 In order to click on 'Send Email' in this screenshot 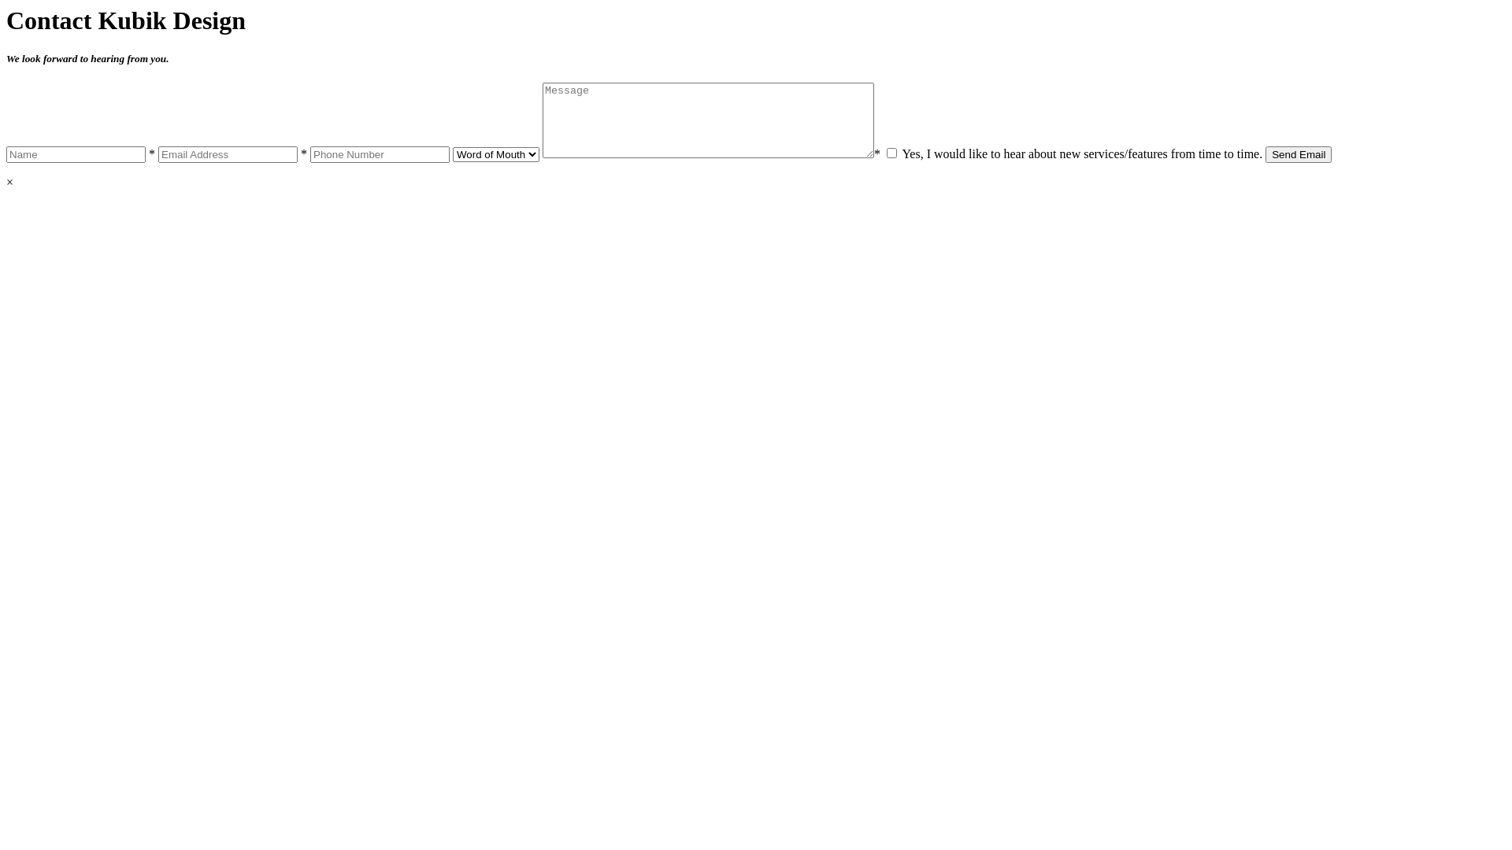, I will do `click(1266, 154)`.